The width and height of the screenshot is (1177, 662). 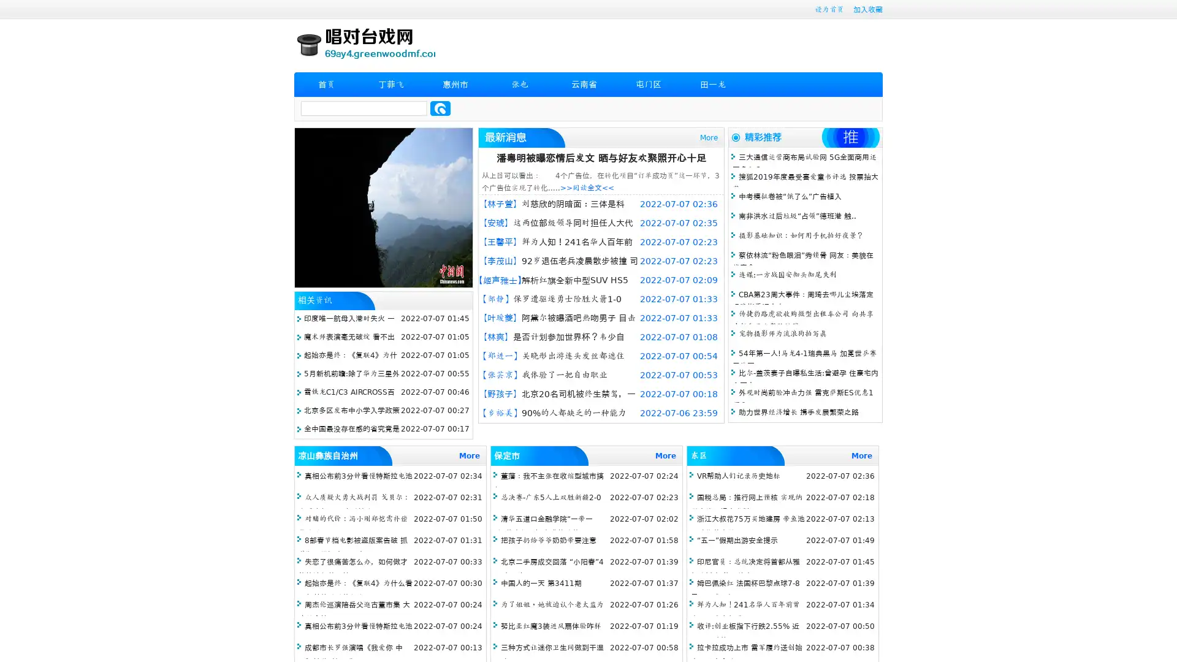 I want to click on Search, so click(x=440, y=108).